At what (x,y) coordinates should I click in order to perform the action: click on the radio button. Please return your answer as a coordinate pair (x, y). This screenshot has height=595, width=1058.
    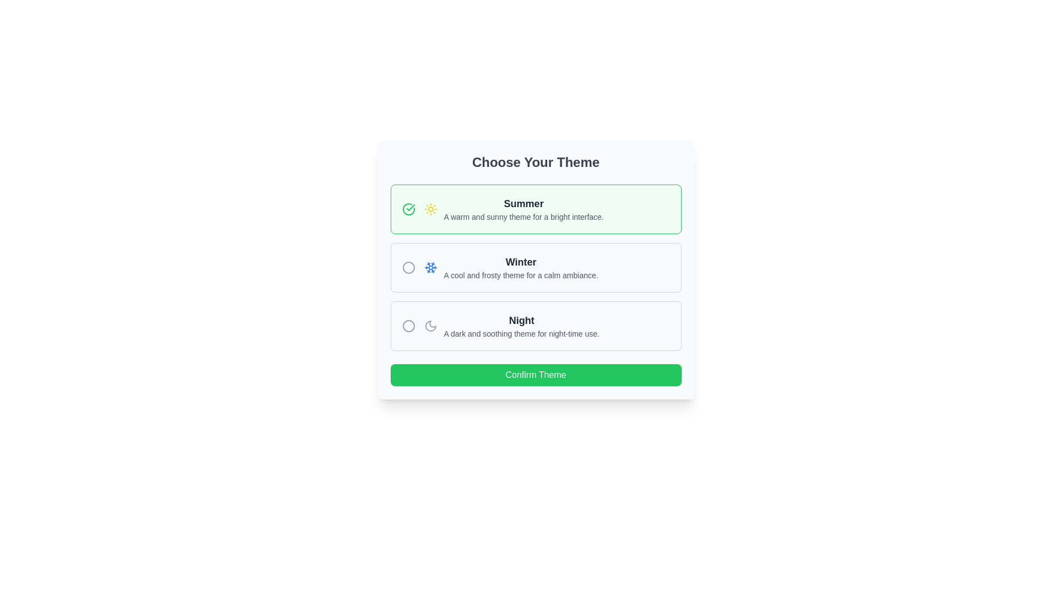
    Looking at the image, I should click on (520, 268).